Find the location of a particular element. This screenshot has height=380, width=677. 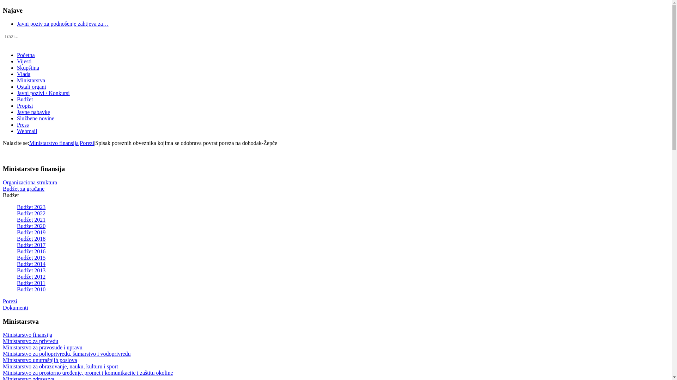

'Ministarstva' is located at coordinates (30, 80).